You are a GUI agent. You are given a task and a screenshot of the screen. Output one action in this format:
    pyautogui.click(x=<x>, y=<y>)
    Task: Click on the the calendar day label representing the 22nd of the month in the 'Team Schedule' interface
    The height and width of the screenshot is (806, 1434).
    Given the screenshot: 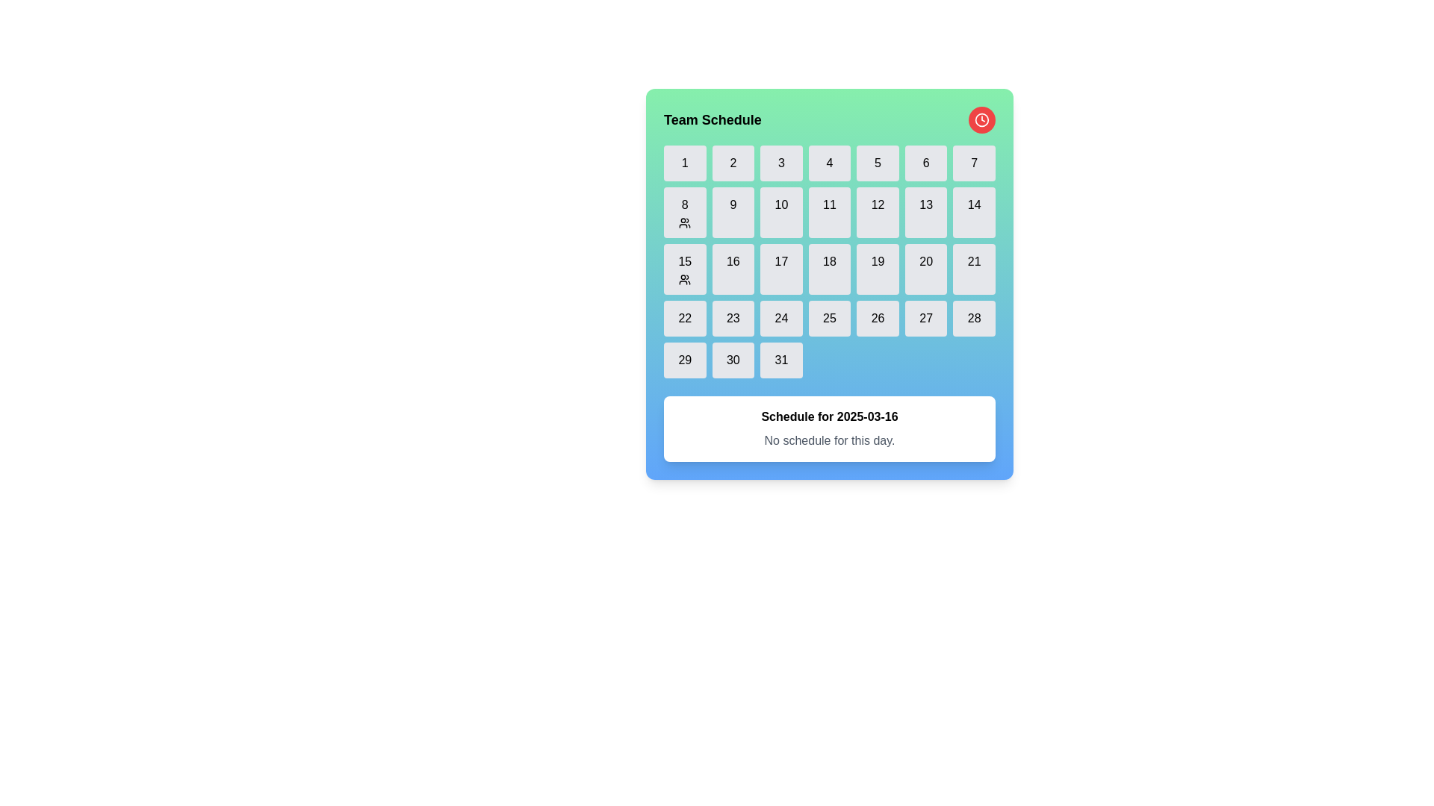 What is the action you would take?
    pyautogui.click(x=684, y=318)
    